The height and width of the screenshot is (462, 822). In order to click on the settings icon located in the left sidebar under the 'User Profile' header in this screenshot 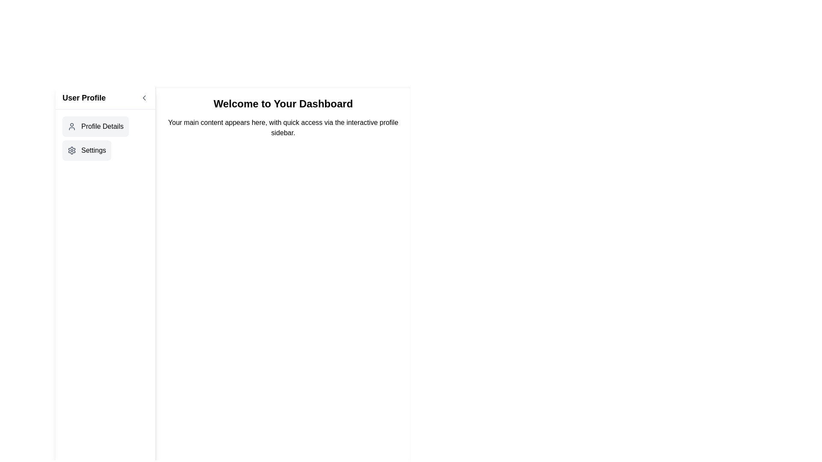, I will do `click(72, 150)`.